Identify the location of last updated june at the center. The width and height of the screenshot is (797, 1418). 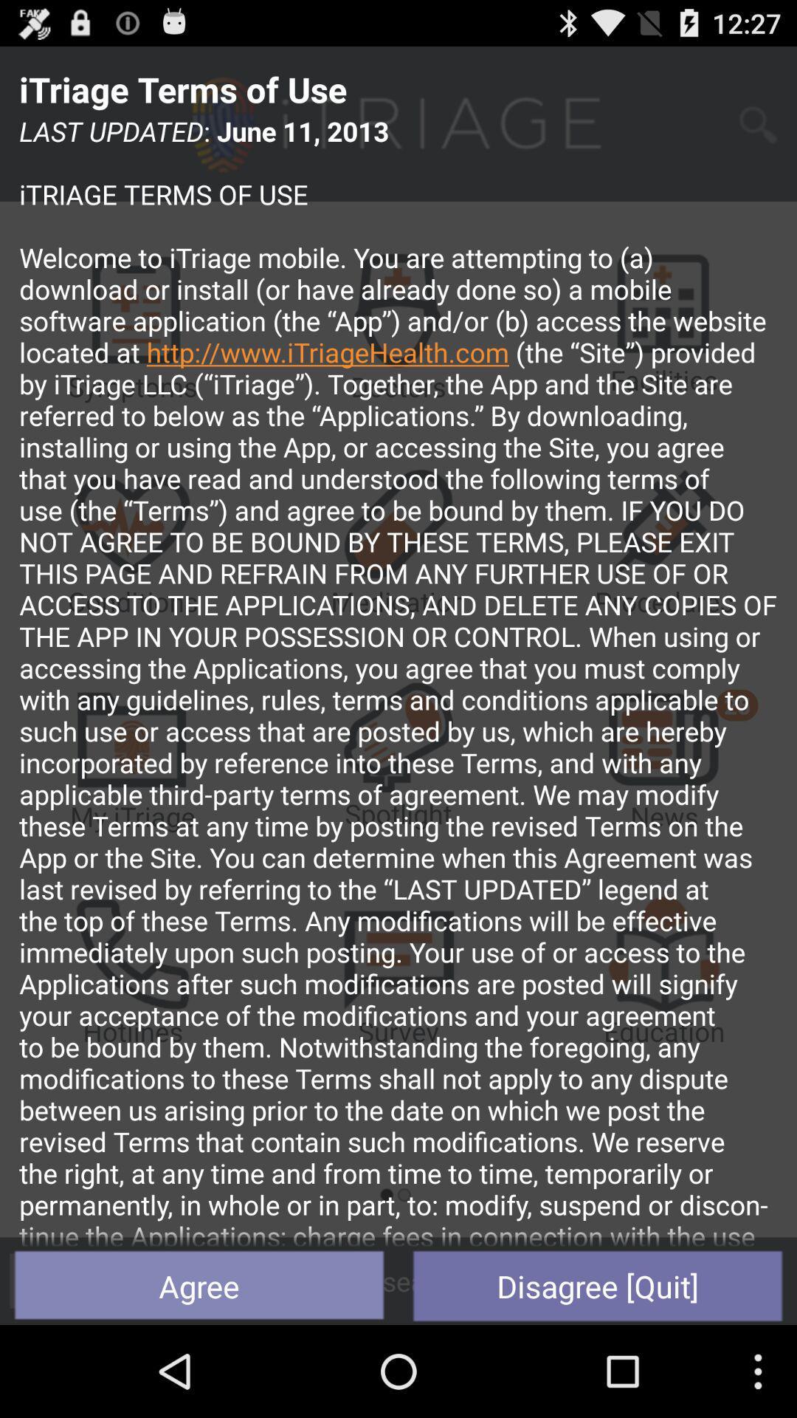
(398, 679).